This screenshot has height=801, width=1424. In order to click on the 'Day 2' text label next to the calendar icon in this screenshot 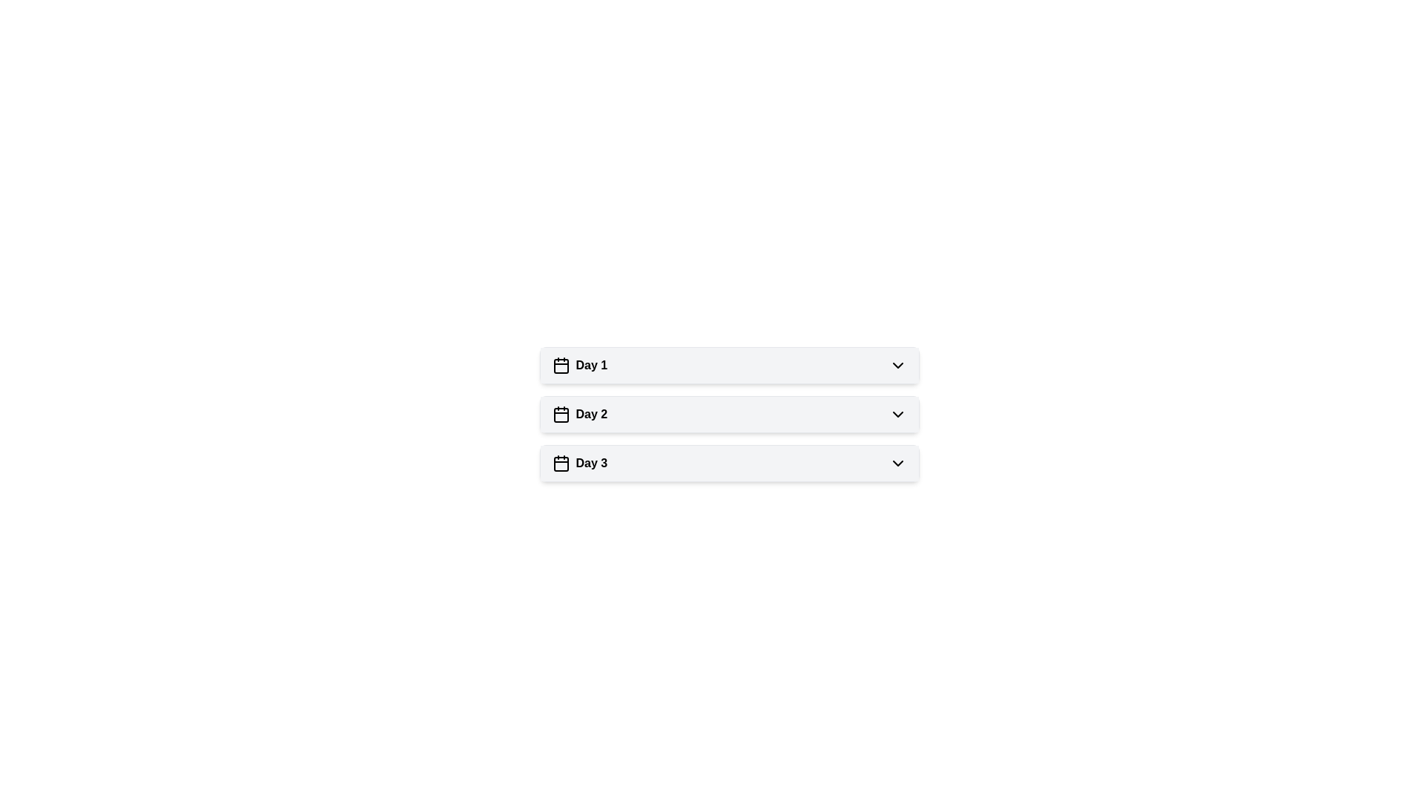, I will do `click(578, 415)`.